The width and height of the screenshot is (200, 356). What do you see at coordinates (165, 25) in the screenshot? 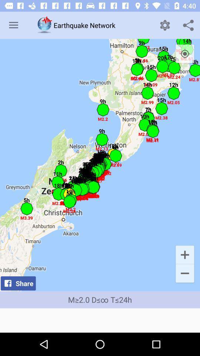
I see `item next to earthquake network icon` at bounding box center [165, 25].